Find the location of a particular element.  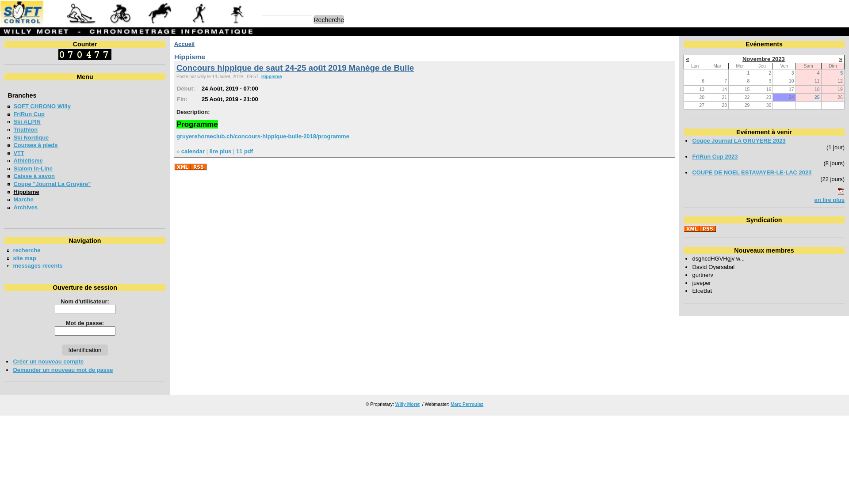

'Willy Moret' is located at coordinates (394, 404).